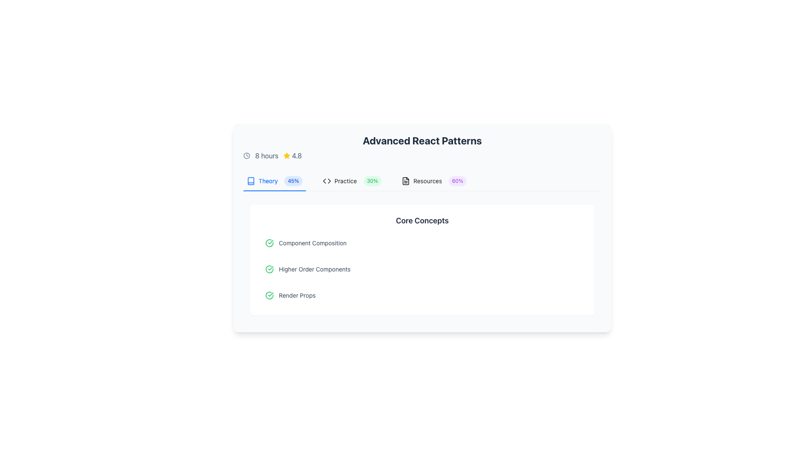 Image resolution: width=810 pixels, height=456 pixels. I want to click on the small rectangular icon depicting a pair of angle brackets ('<>') located in the 'Practice' section, so click(326, 180).